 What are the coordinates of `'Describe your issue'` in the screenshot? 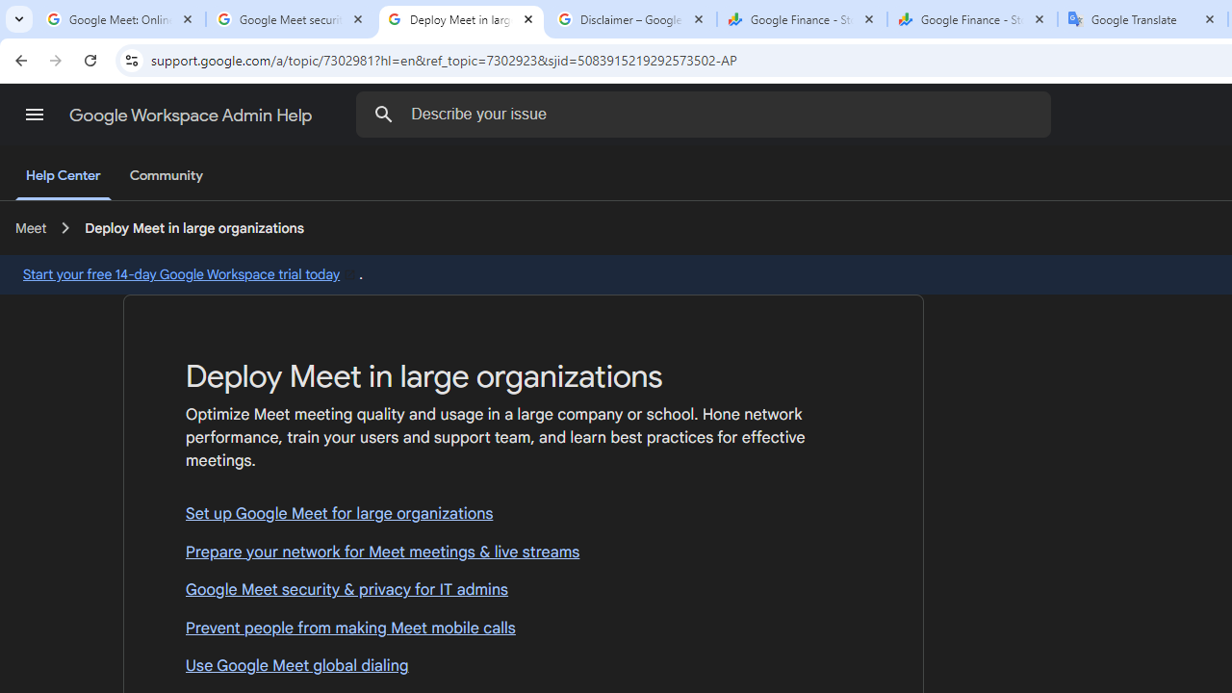 It's located at (706, 114).